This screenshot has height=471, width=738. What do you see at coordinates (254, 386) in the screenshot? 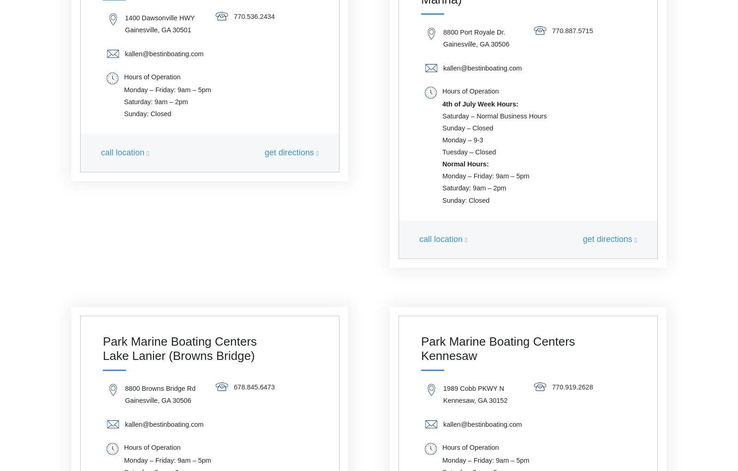
I see `'678.845.6473'` at bounding box center [254, 386].